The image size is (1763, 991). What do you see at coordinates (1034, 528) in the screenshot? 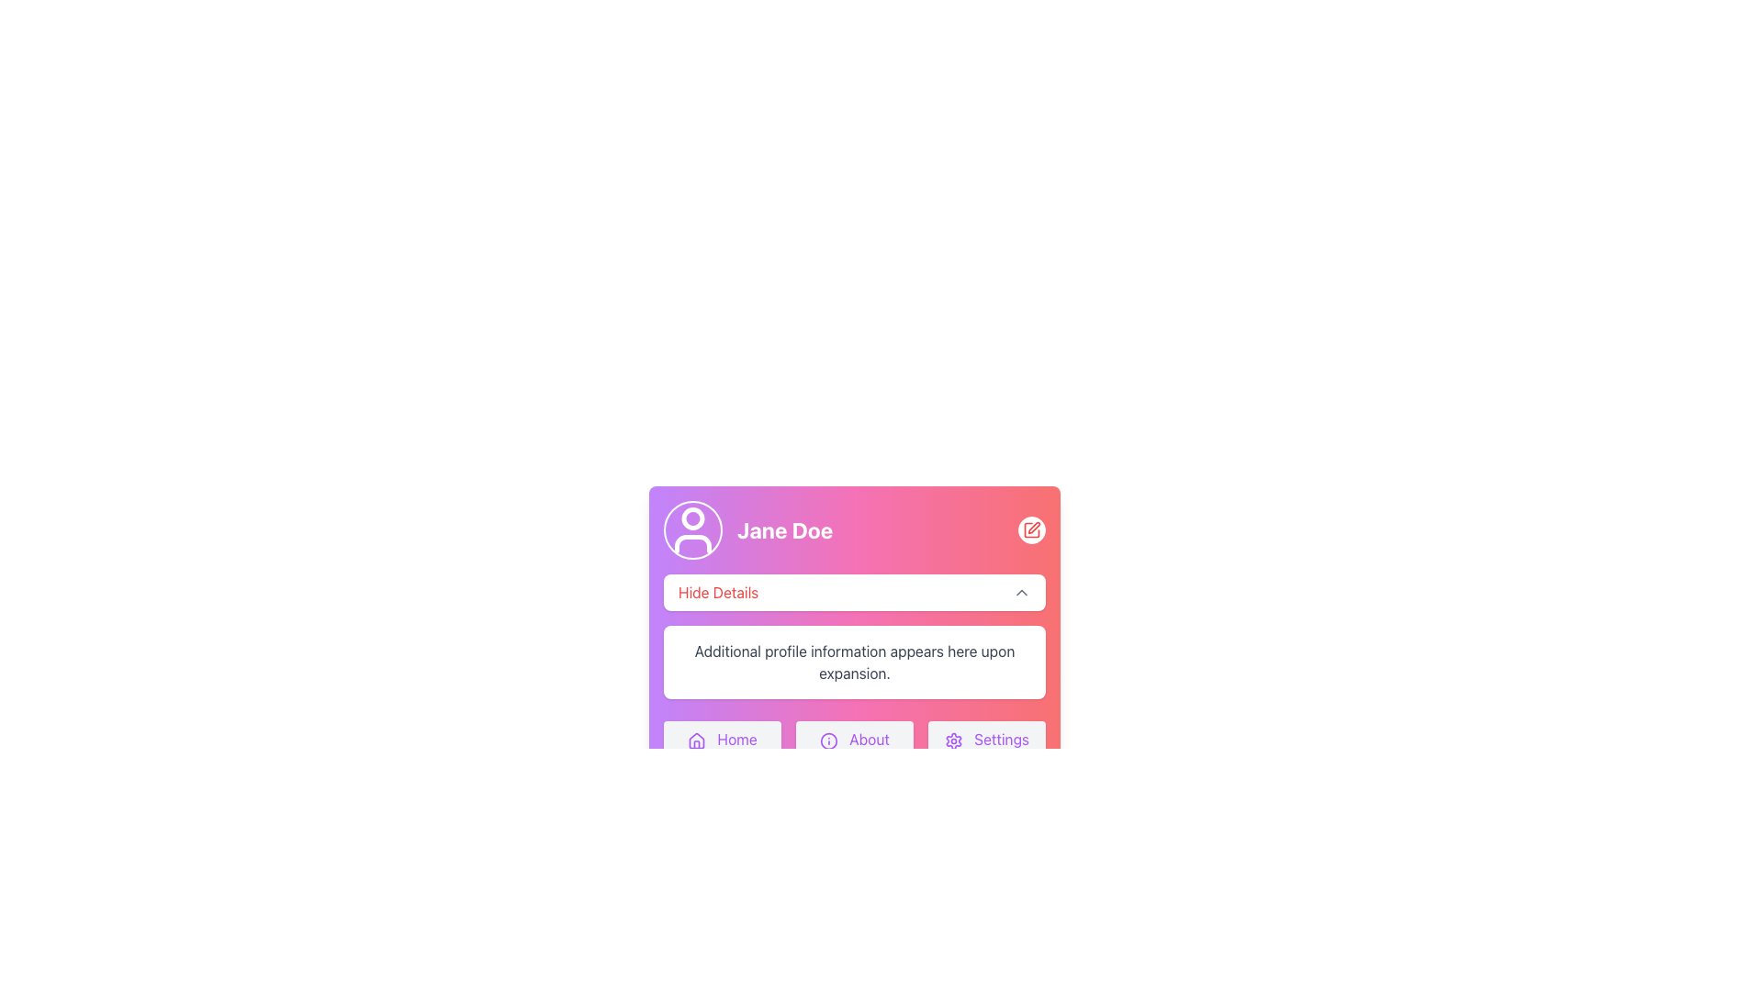
I see `the distinctive red icon resembling a pen or pencil located at the top-right corner of the 'Jane Doe' profile card` at bounding box center [1034, 528].